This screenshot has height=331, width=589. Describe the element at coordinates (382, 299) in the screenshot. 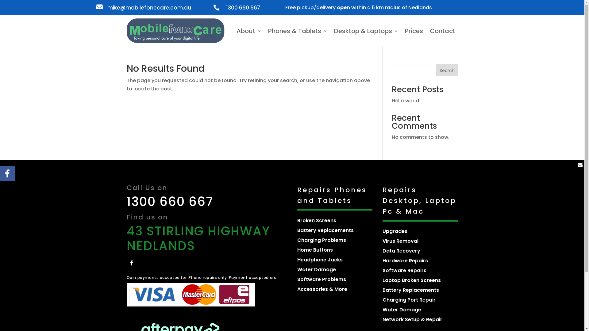

I see `'Charging Port Repair'` at that location.